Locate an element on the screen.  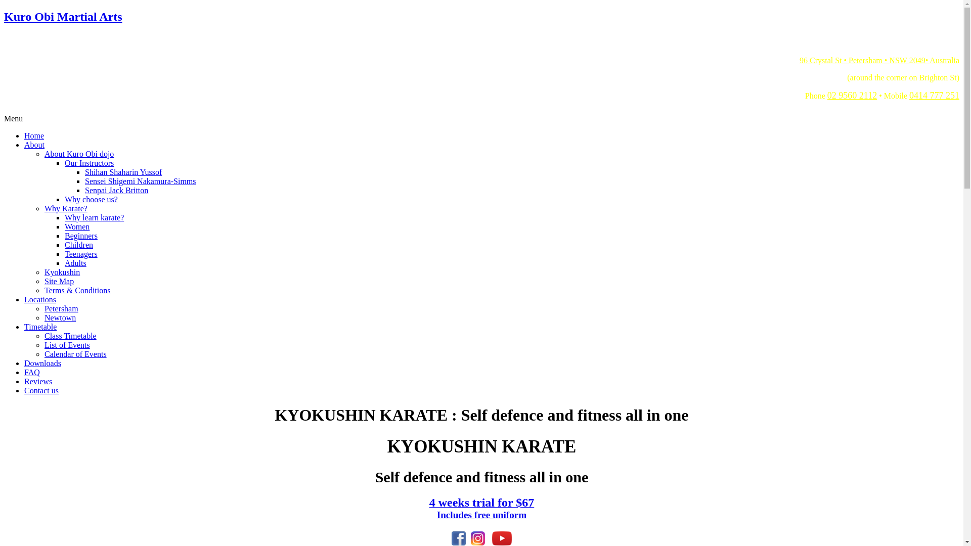
'About' is located at coordinates (34, 145).